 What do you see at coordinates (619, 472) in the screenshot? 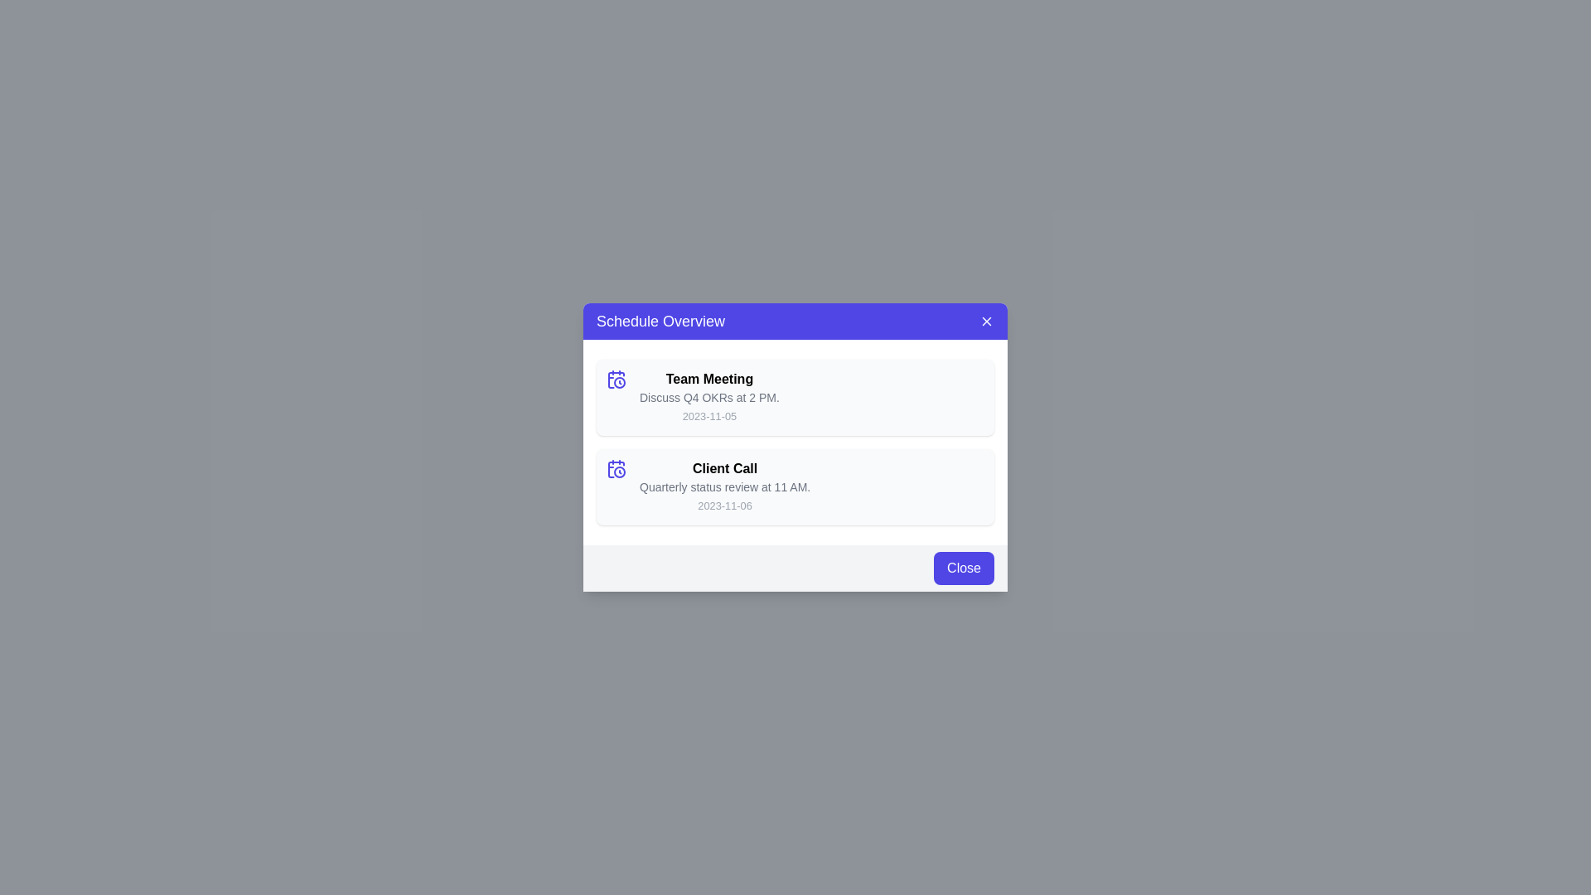
I see `the circular icon within the calendar clock icon that represents the clock's face, adjacent to the Client Call schedule text` at bounding box center [619, 472].